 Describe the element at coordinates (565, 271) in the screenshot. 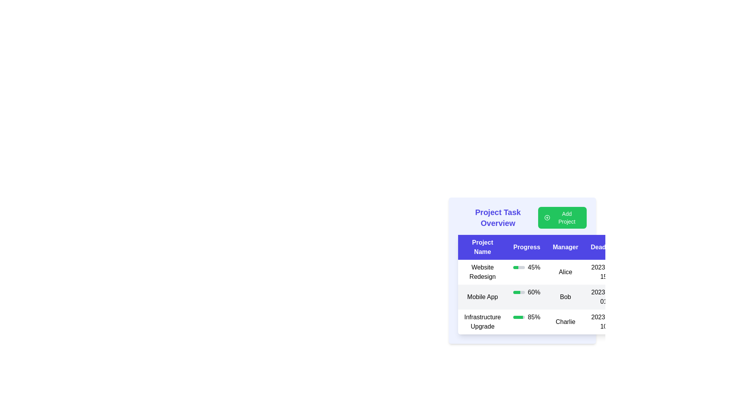

I see `text label indicating the manager assigned to the project 'Website Redesign', located in the third column of the data table in the second row` at that location.